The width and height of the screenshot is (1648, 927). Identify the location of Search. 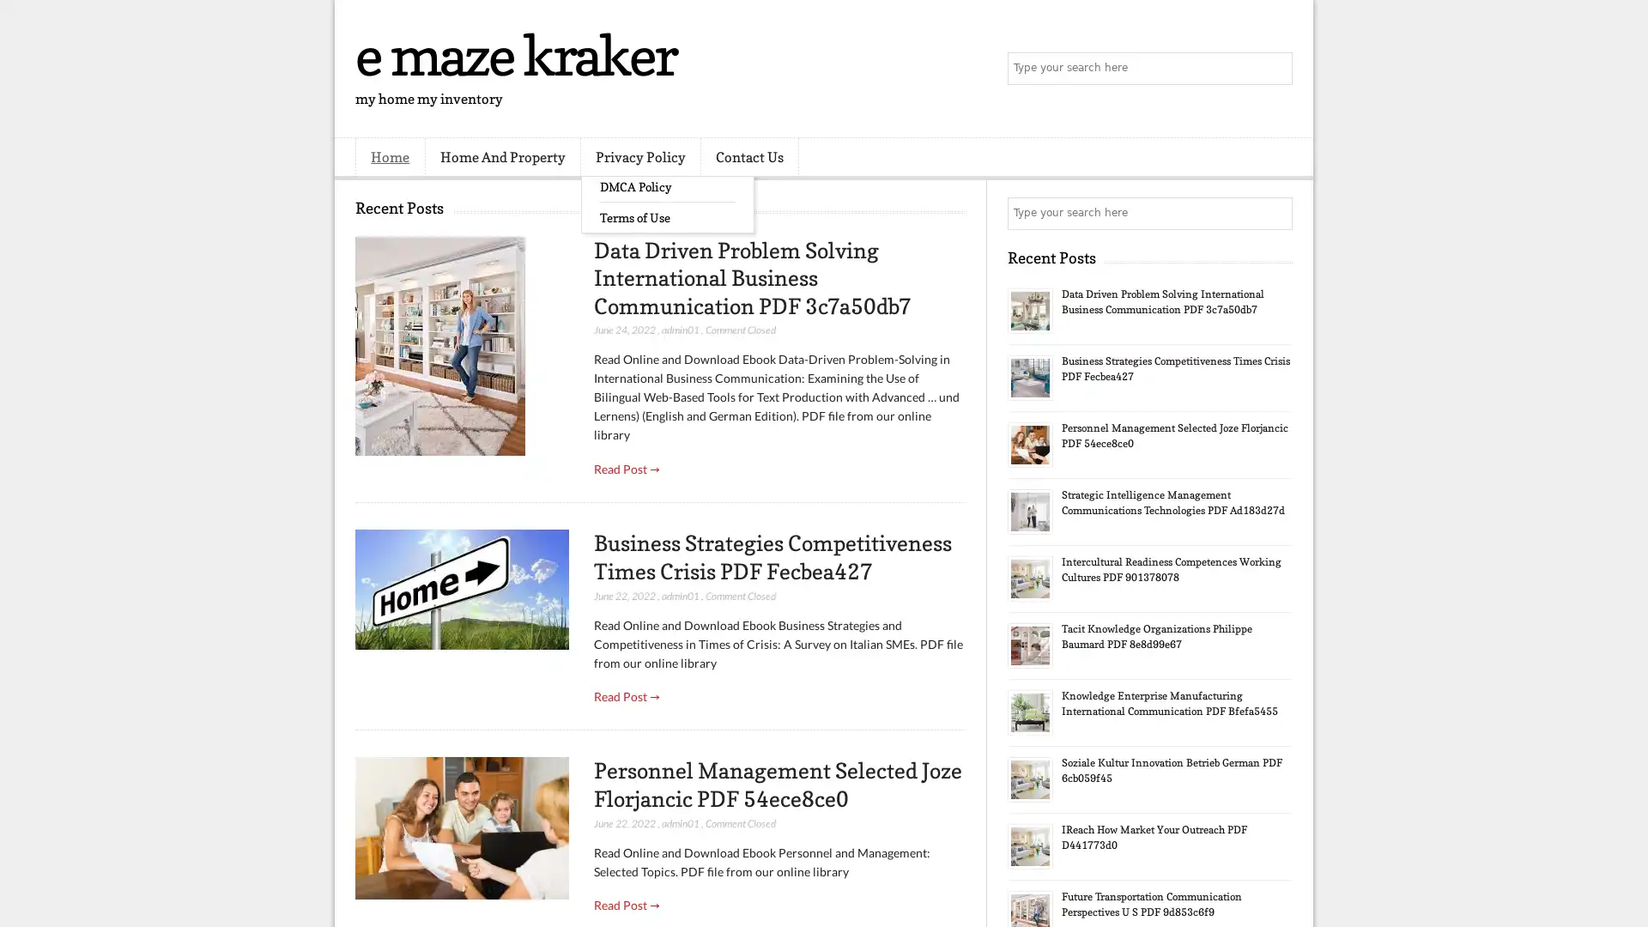
(1275, 213).